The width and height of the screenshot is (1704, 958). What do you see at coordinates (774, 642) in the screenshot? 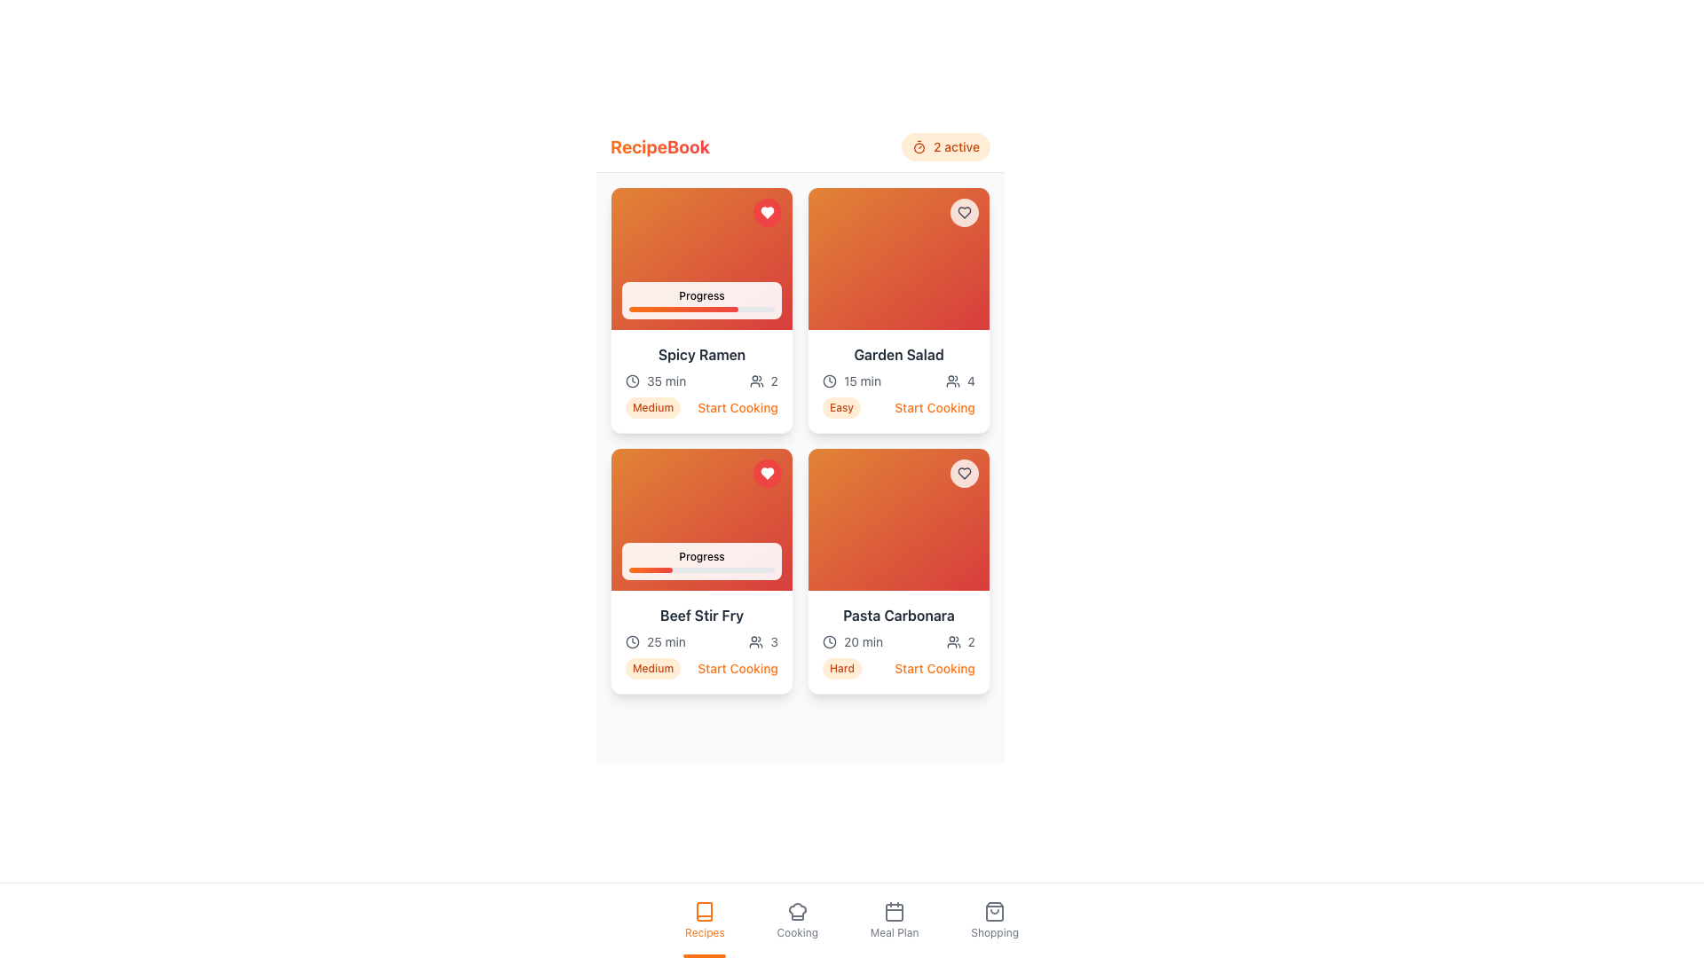
I see `the numeric character '3' displayed in a sans-serif typeface, part of the recipe details for 'Beef Stir Fry', located adjacent to the servings icon` at bounding box center [774, 642].